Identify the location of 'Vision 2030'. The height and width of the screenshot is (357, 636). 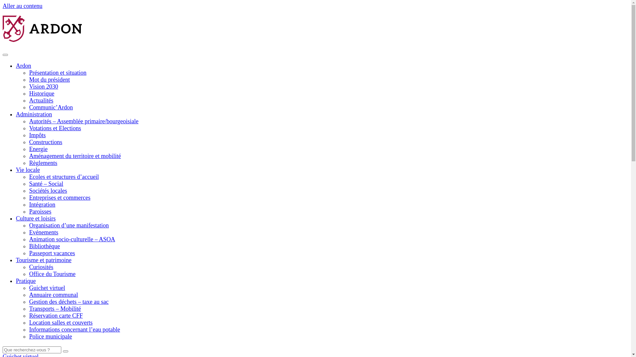
(43, 86).